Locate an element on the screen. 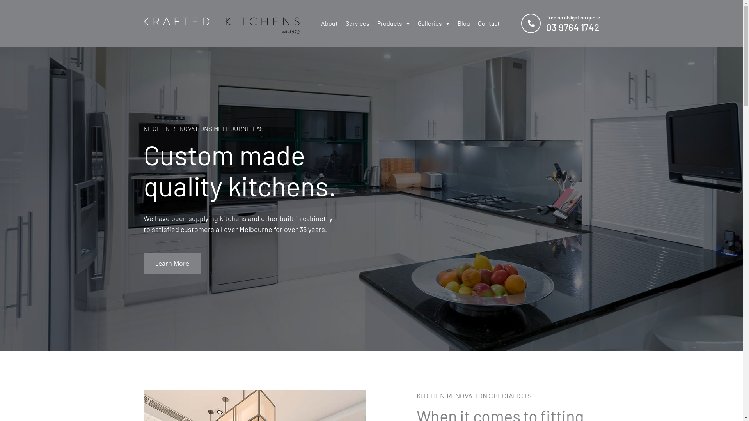 The width and height of the screenshot is (749, 421). 'Learn More' is located at coordinates (144, 263).